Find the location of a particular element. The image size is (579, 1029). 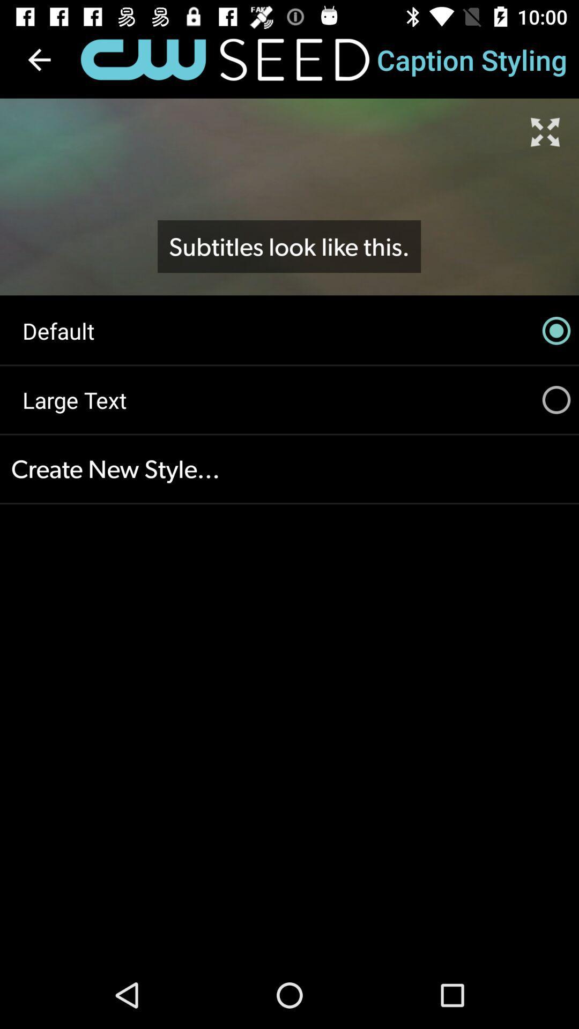

the icon above the default icon is located at coordinates (39, 59).